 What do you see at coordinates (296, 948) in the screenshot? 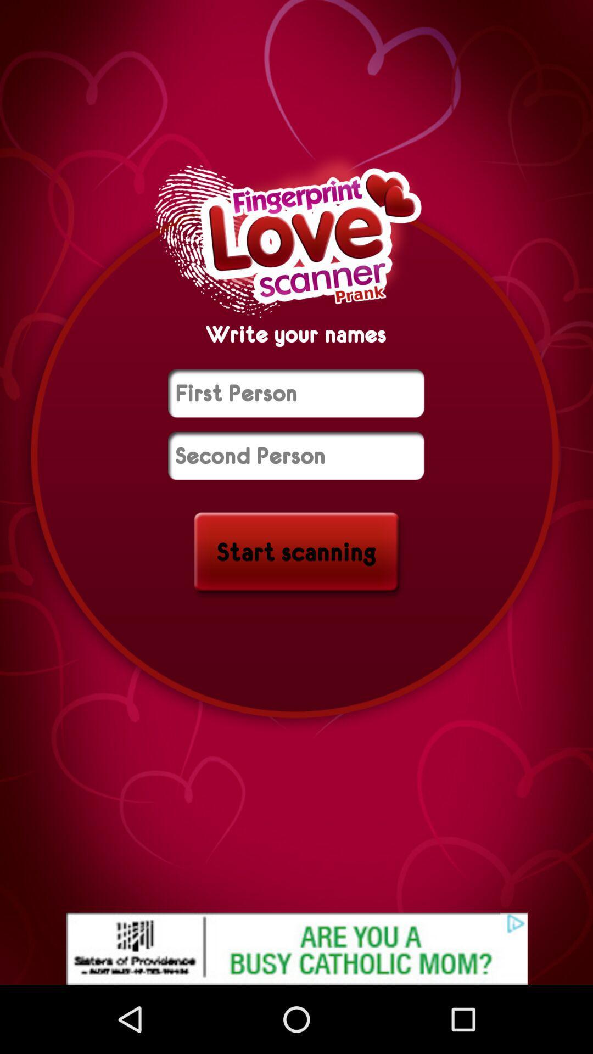
I see `advertisement page` at bounding box center [296, 948].